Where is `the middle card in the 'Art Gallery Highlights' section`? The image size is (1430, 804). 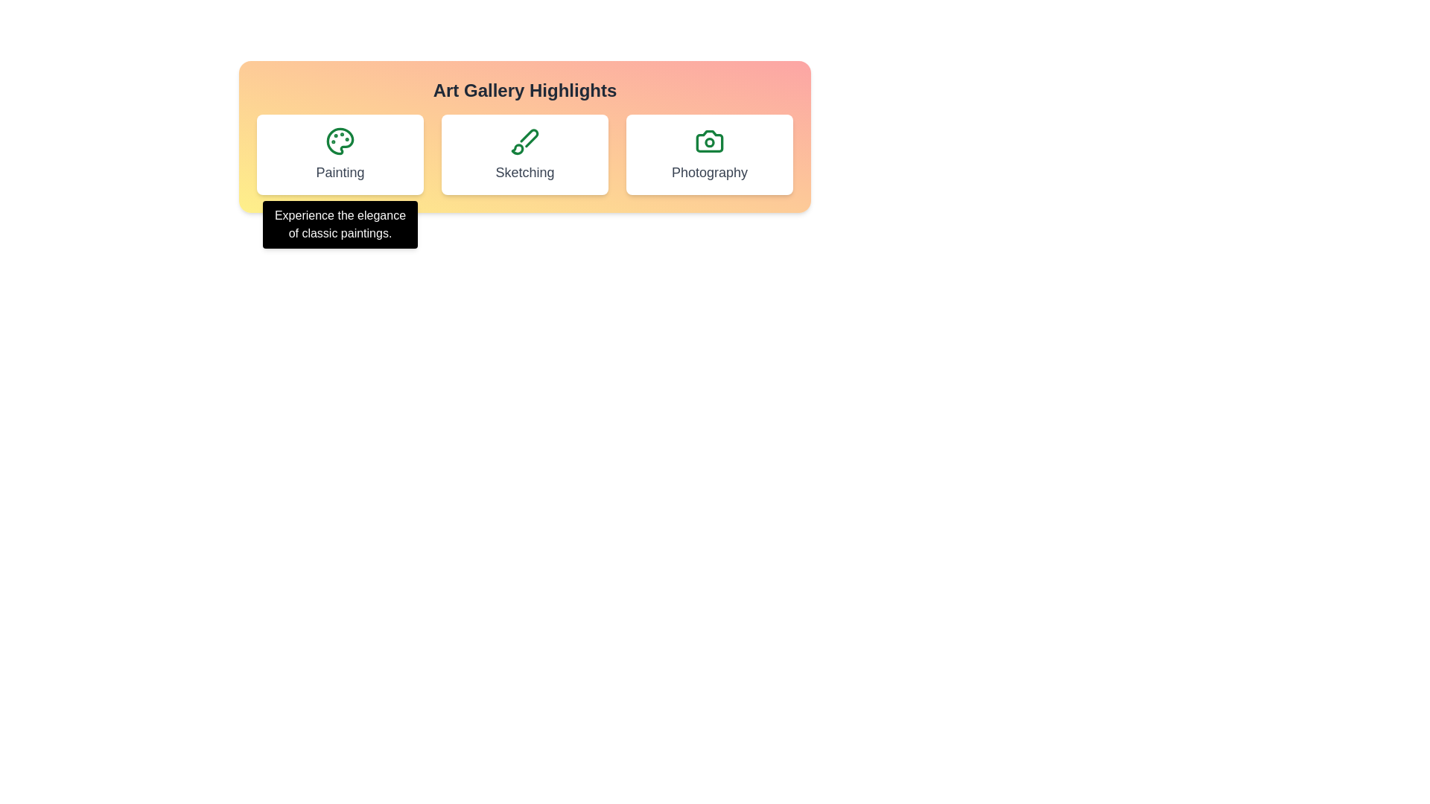 the middle card in the 'Art Gallery Highlights' section is located at coordinates (525, 155).